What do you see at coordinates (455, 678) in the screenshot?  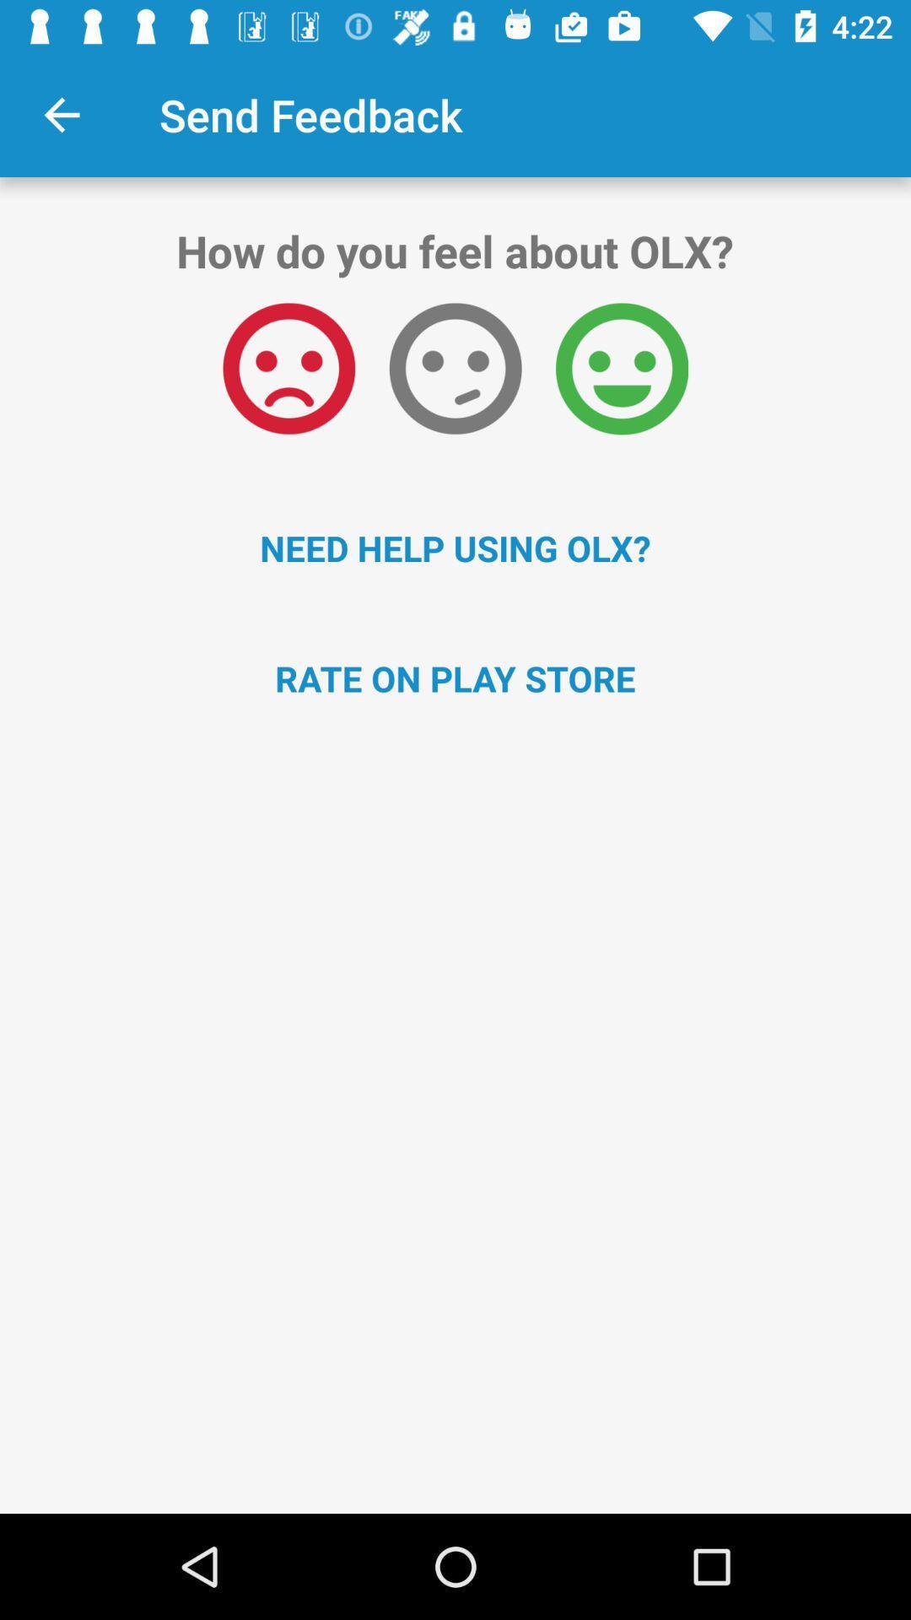 I see `item below need help using` at bounding box center [455, 678].